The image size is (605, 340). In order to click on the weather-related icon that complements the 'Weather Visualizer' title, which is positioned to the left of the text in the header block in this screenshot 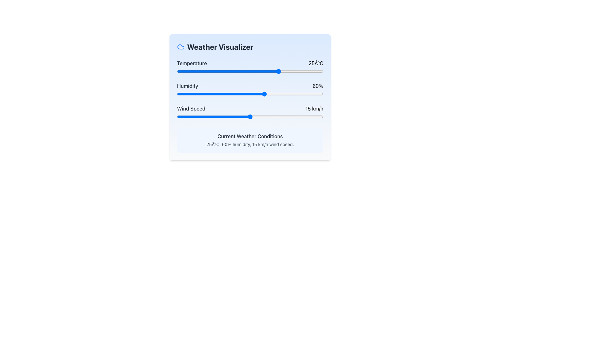, I will do `click(181, 47)`.